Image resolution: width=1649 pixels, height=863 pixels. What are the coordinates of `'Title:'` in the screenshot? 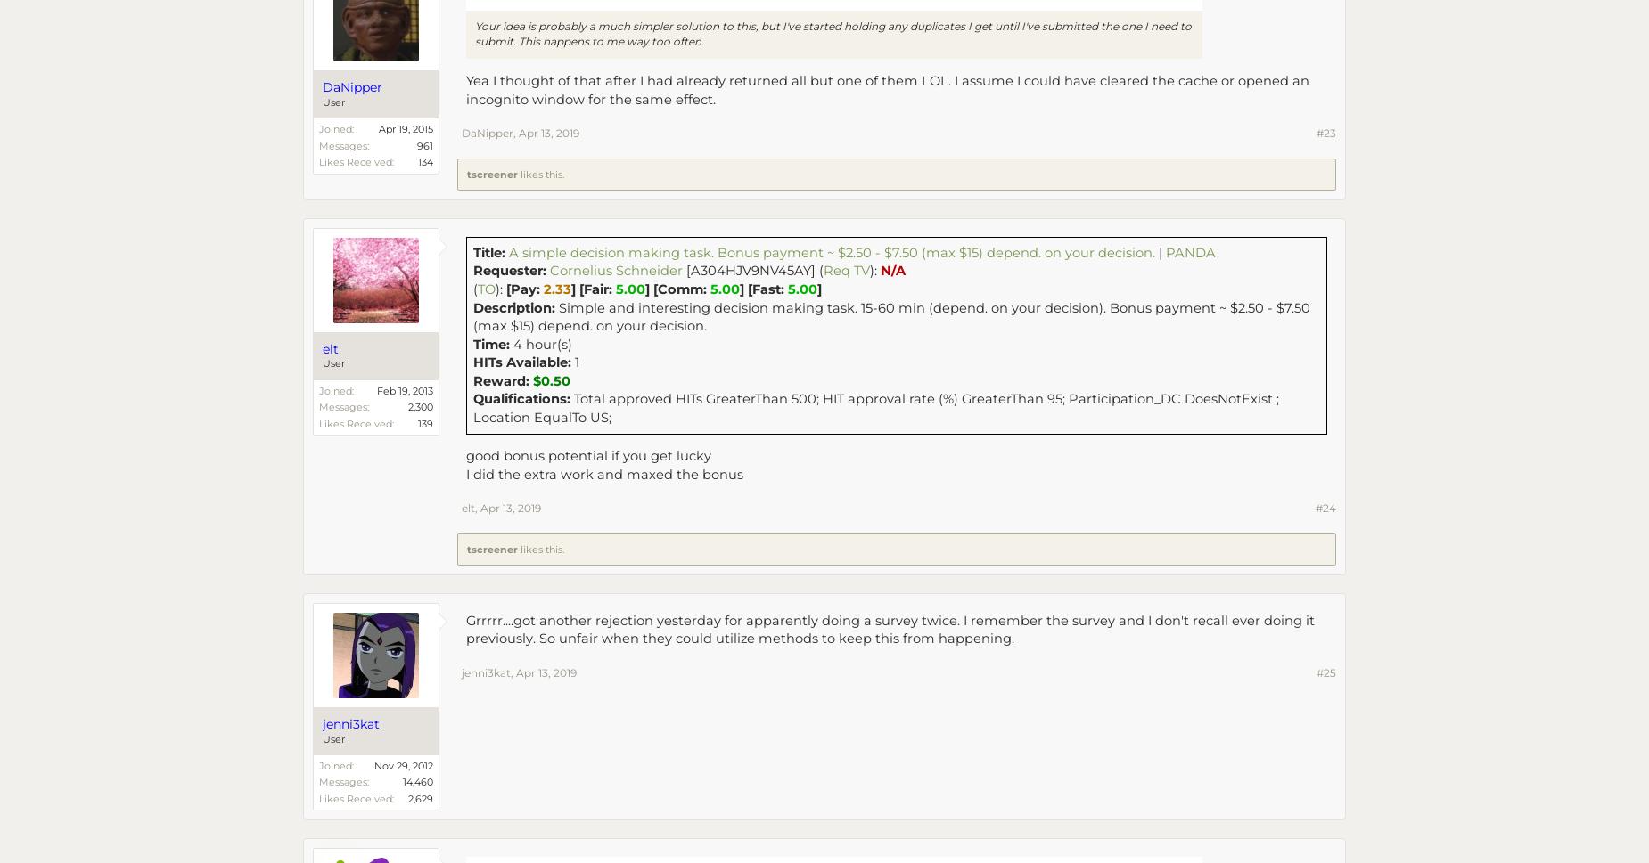 It's located at (489, 252).